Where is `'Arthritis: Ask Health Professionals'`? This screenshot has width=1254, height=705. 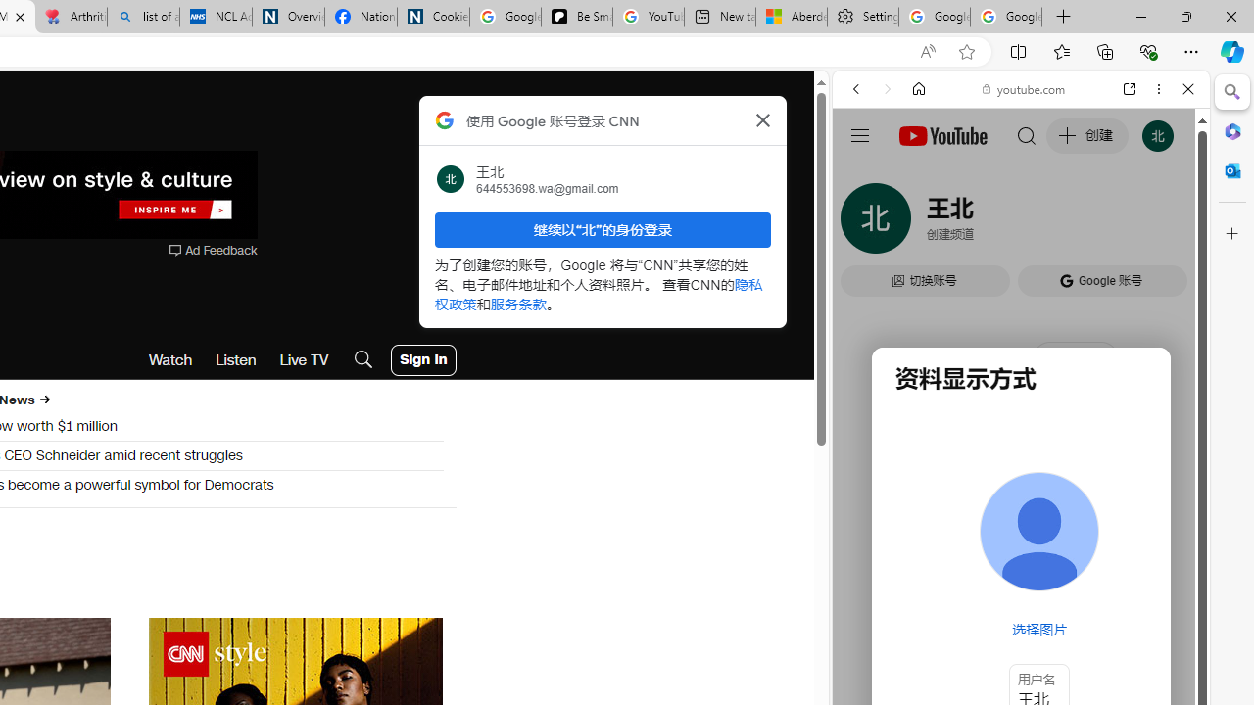
'Arthritis: Ask Health Professionals' is located at coordinates (71, 17).